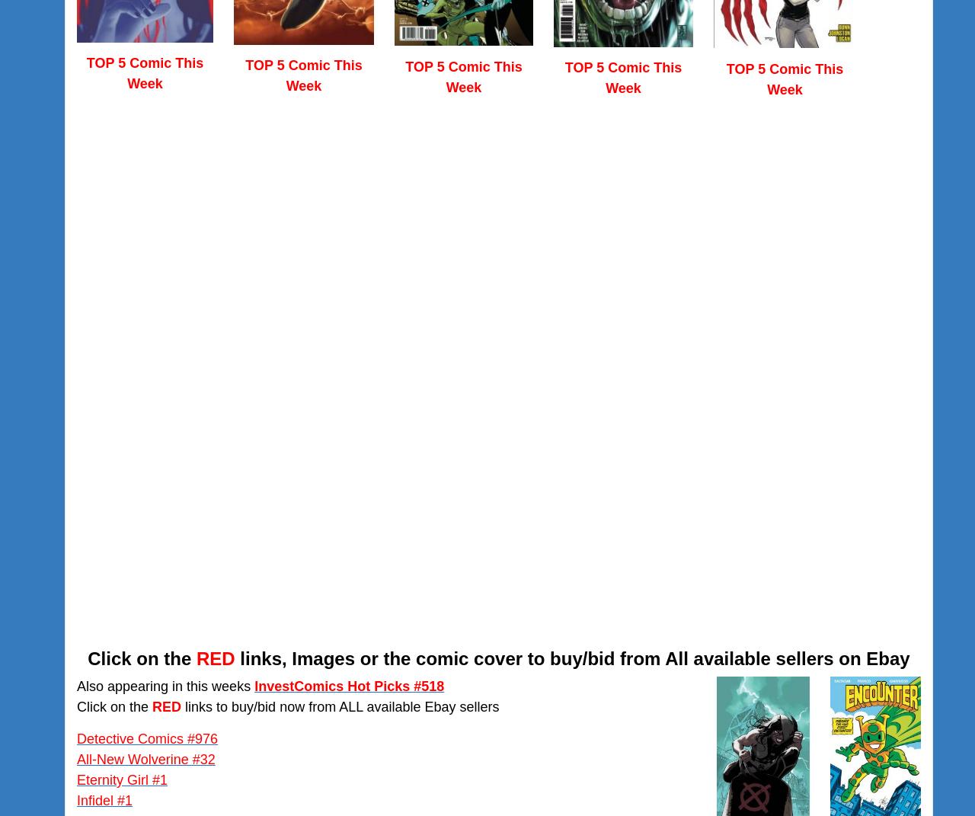  I want to click on 'Eternity Girl #1', so click(122, 779).